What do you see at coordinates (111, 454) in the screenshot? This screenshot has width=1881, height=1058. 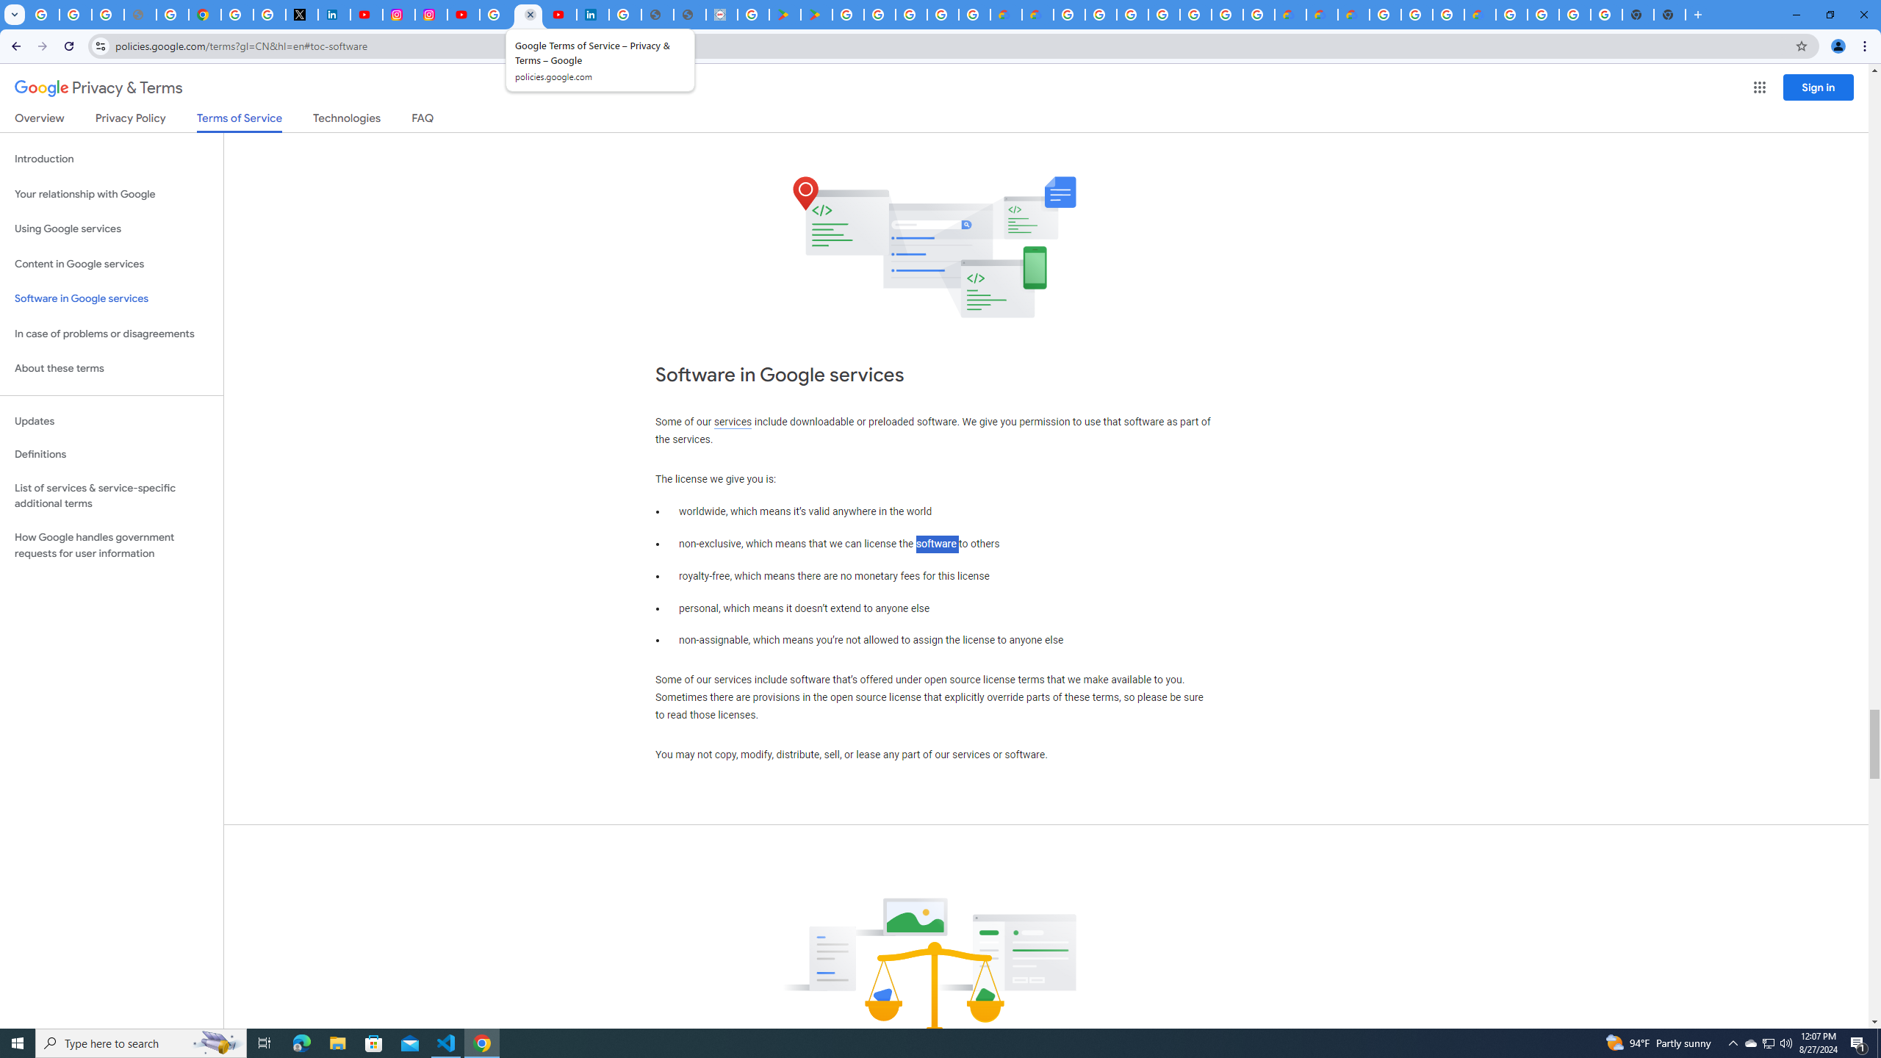 I see `'Definitions'` at bounding box center [111, 454].